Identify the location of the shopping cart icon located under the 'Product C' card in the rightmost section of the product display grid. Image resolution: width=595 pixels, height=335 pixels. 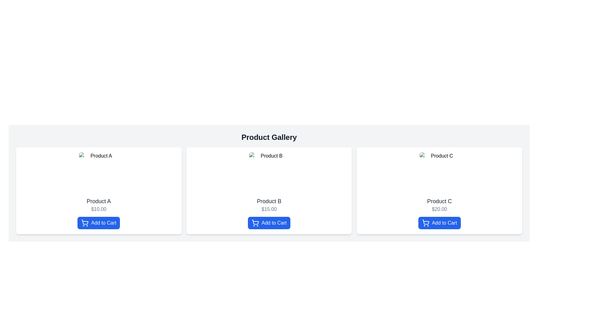
(425, 222).